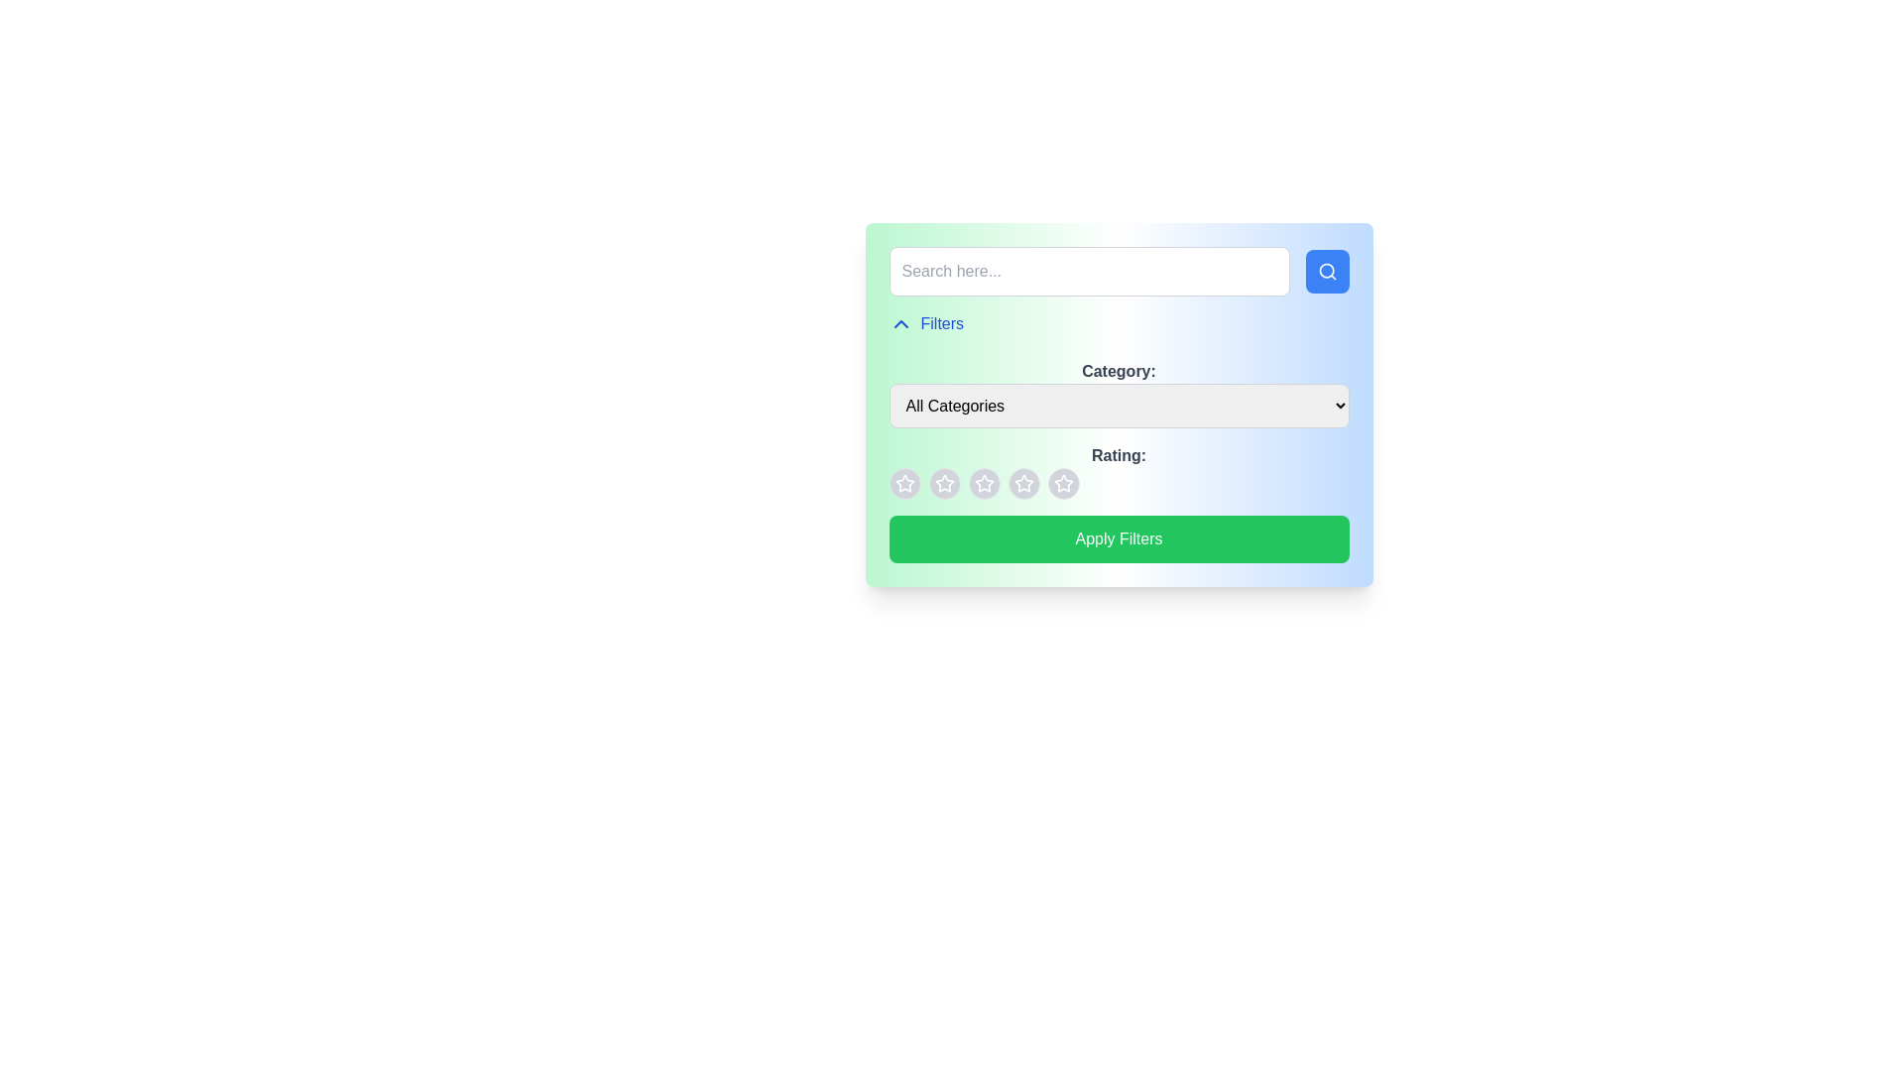 This screenshot has height=1071, width=1904. Describe the element at coordinates (1062, 484) in the screenshot. I see `the fifth circular button with a gray background and a white star icon located below the 'Rating:' label in the filtering panel` at that location.